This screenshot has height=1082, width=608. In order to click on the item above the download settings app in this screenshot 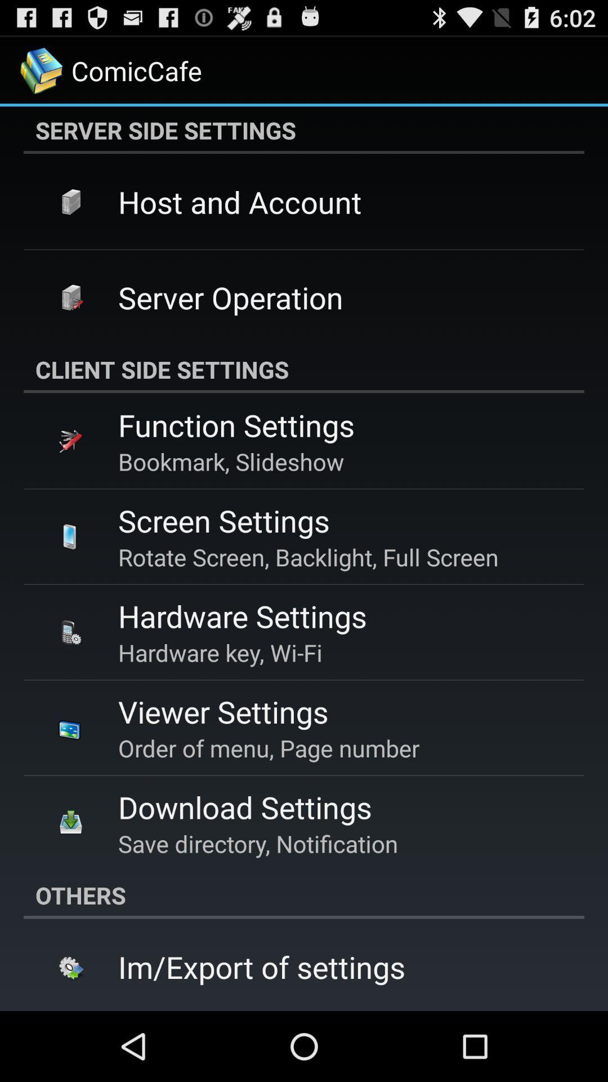, I will do `click(269, 748)`.